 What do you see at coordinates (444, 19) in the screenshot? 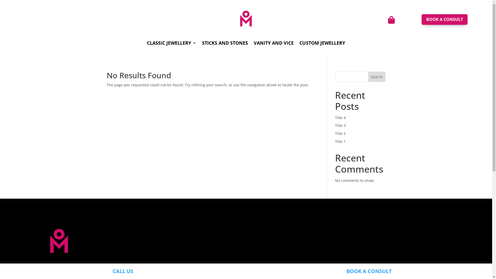
I see `'BOOK A CONSULT'` at bounding box center [444, 19].